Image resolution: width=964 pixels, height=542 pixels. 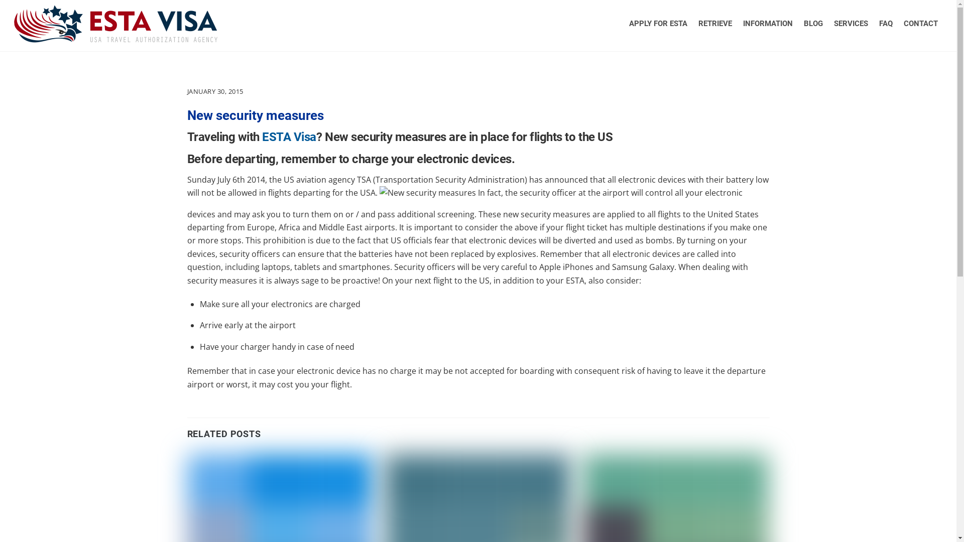 What do you see at coordinates (289, 137) in the screenshot?
I see `'ESTA Visa'` at bounding box center [289, 137].